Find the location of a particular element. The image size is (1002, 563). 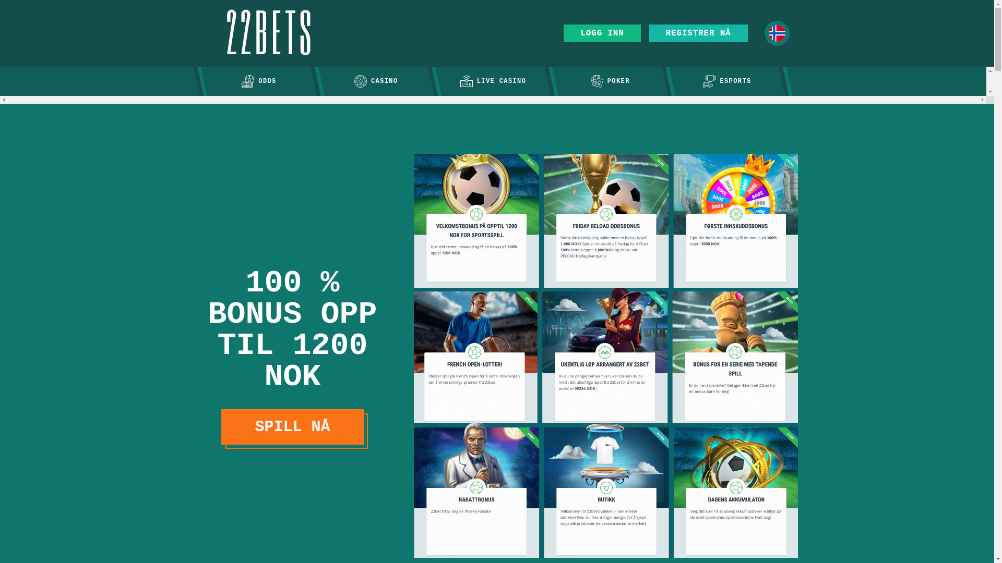

'LOGG INN' is located at coordinates (602, 33).